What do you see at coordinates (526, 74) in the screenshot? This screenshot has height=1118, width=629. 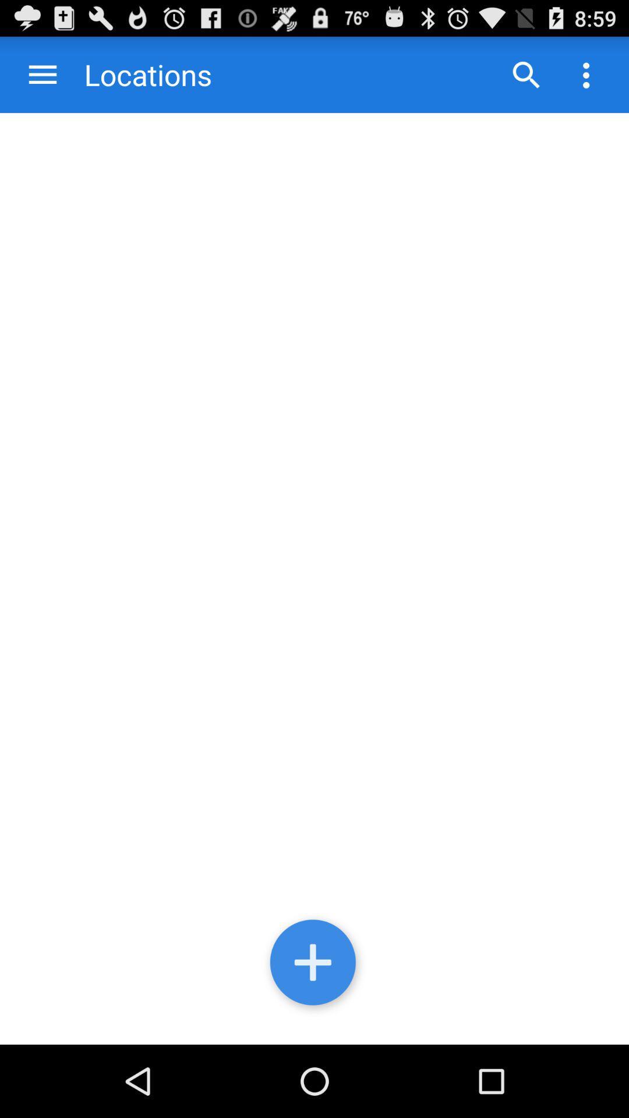 I see `go` at bounding box center [526, 74].